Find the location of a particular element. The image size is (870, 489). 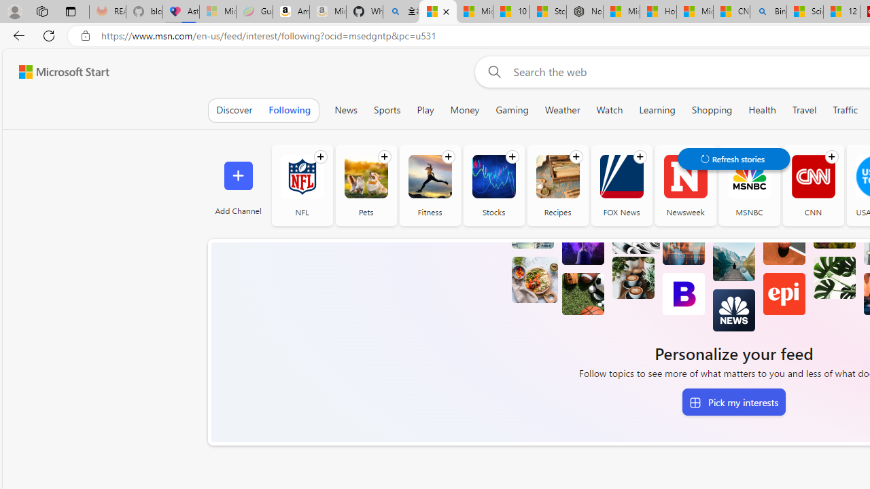

'Sports' is located at coordinates (386, 109).